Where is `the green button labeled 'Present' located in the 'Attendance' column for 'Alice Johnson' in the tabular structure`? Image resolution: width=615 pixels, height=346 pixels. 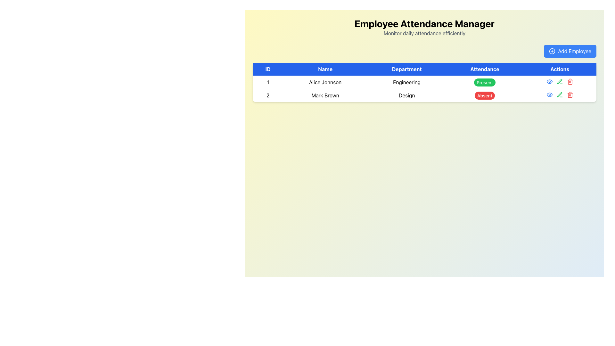 the green button labeled 'Present' located in the 'Attendance' column for 'Alice Johnson' in the tabular structure is located at coordinates (485, 82).